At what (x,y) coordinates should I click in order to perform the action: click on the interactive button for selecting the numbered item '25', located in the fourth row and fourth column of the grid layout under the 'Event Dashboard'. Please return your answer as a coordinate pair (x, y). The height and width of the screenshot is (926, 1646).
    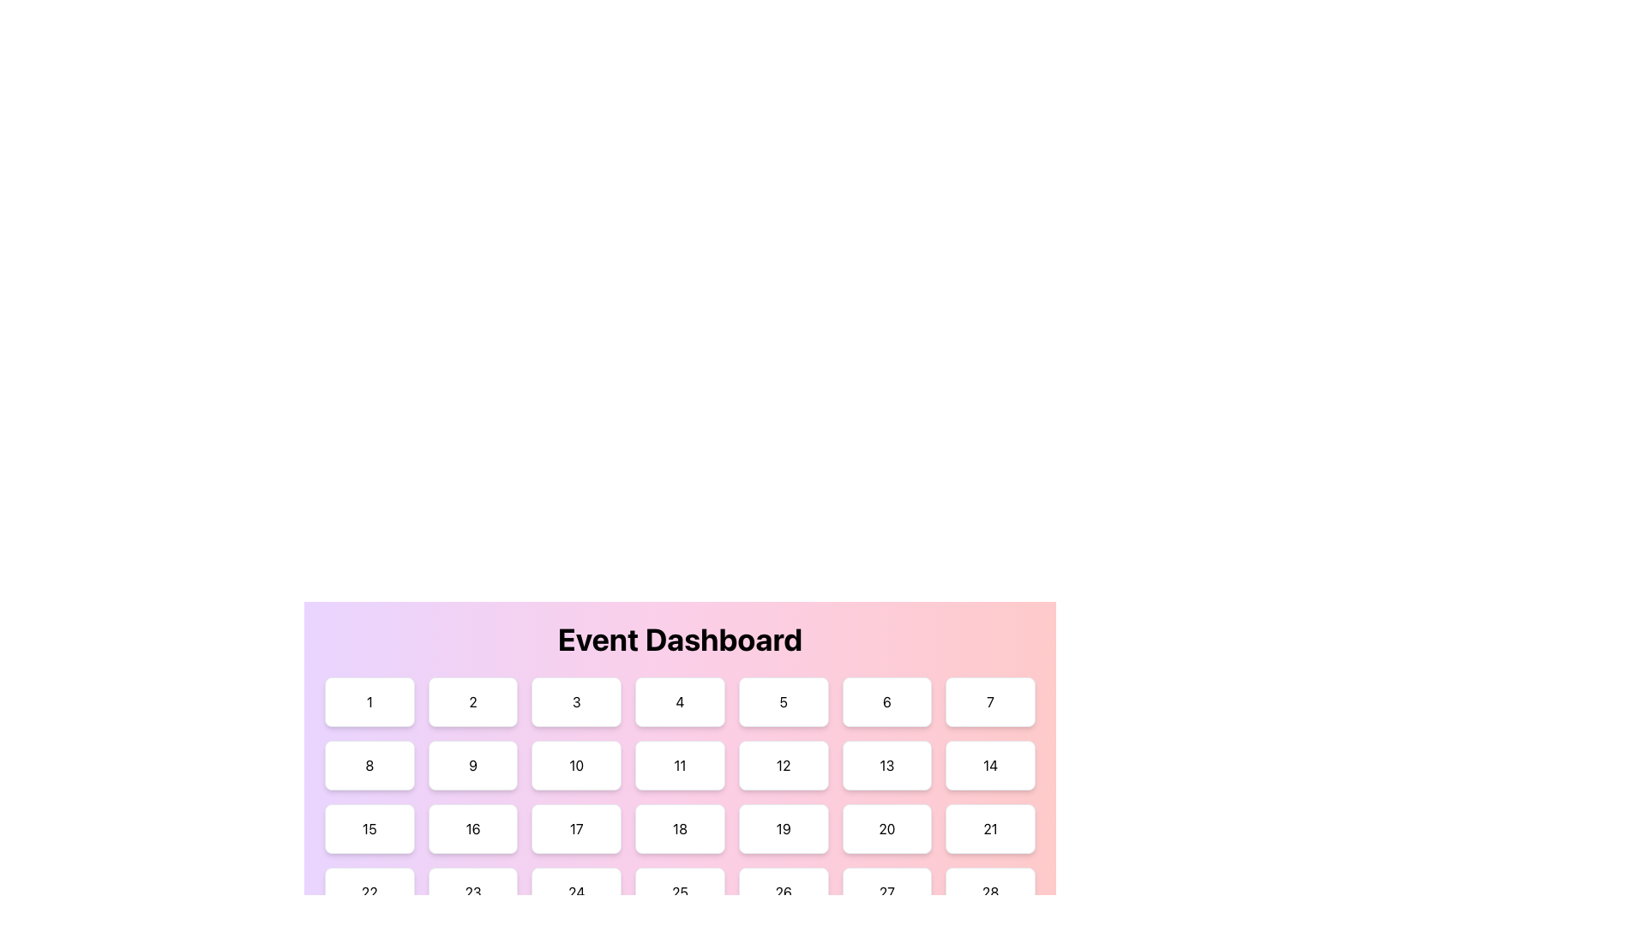
    Looking at the image, I should click on (679, 892).